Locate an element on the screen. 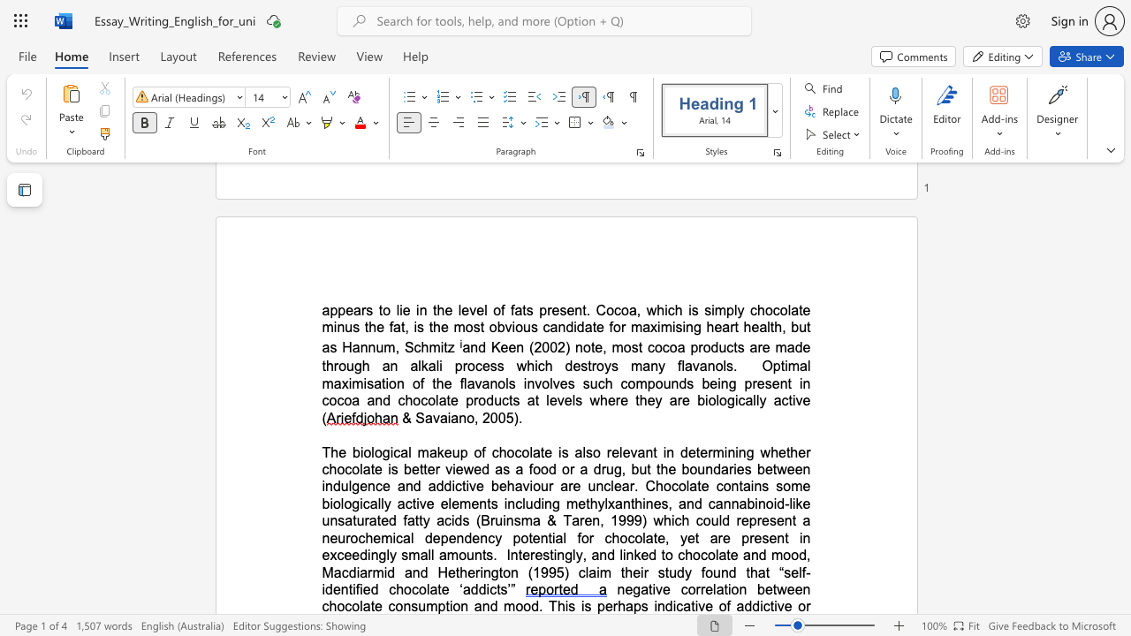 This screenshot has width=1131, height=636. the subset text "tion between chocolate cons" within the text "negative correlation between chocolate consumption and mood. This is" is located at coordinates (724, 589).